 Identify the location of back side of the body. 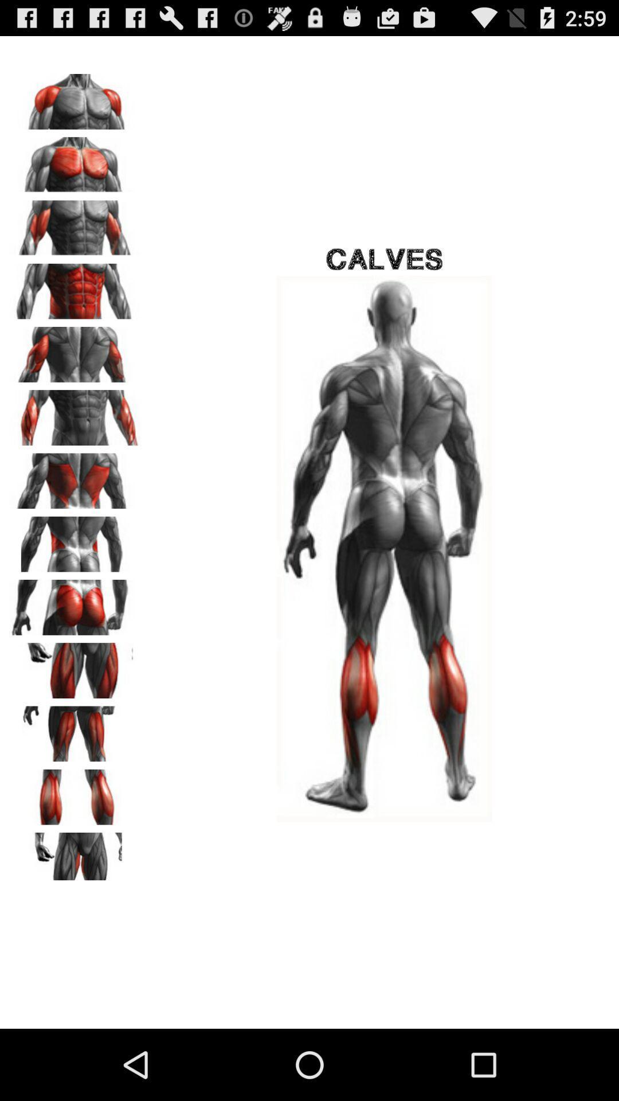
(75, 350).